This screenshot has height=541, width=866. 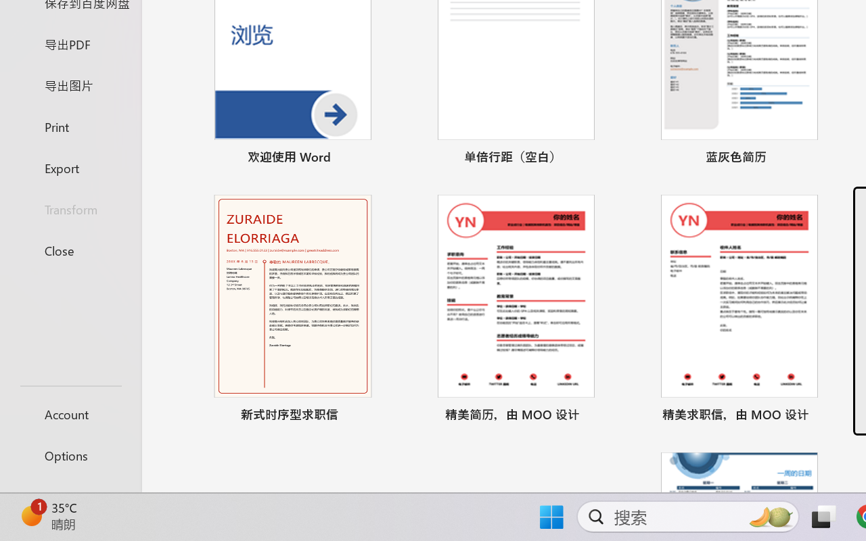 I want to click on 'Export', so click(x=70, y=167).